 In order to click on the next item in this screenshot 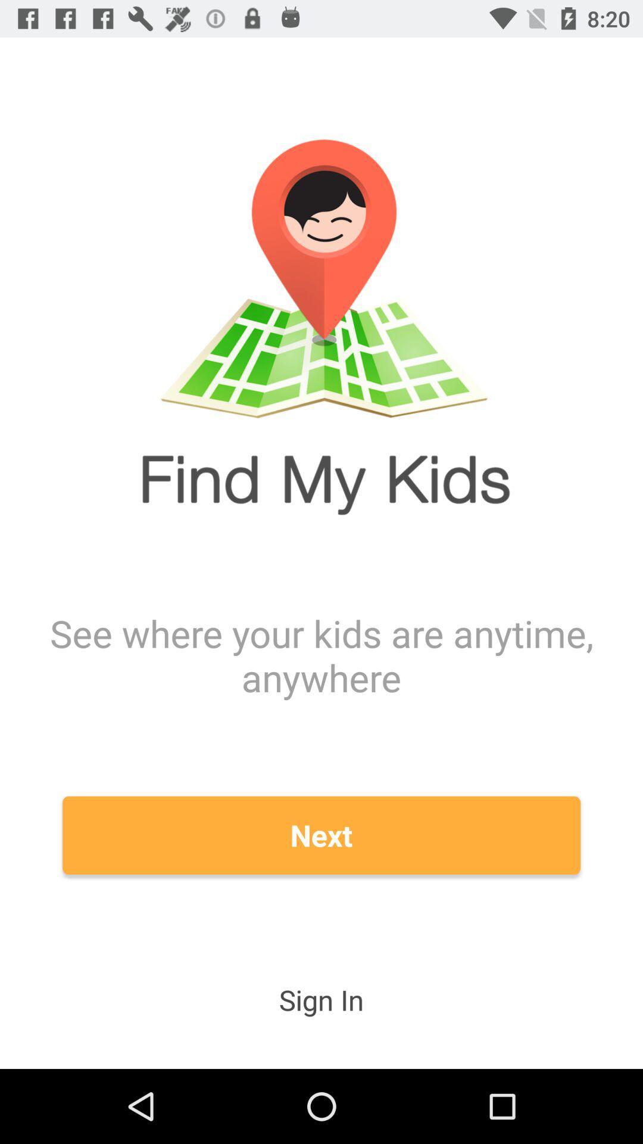, I will do `click(321, 835)`.